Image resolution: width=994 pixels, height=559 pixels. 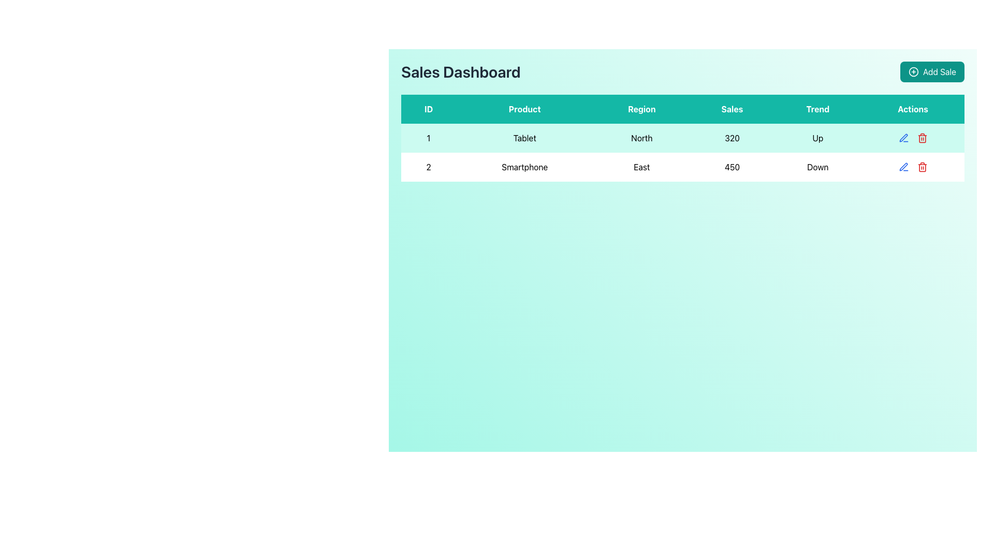 What do you see at coordinates (429, 137) in the screenshot?
I see `the ID cell of the table row, which visually identifies the first item's serial number` at bounding box center [429, 137].